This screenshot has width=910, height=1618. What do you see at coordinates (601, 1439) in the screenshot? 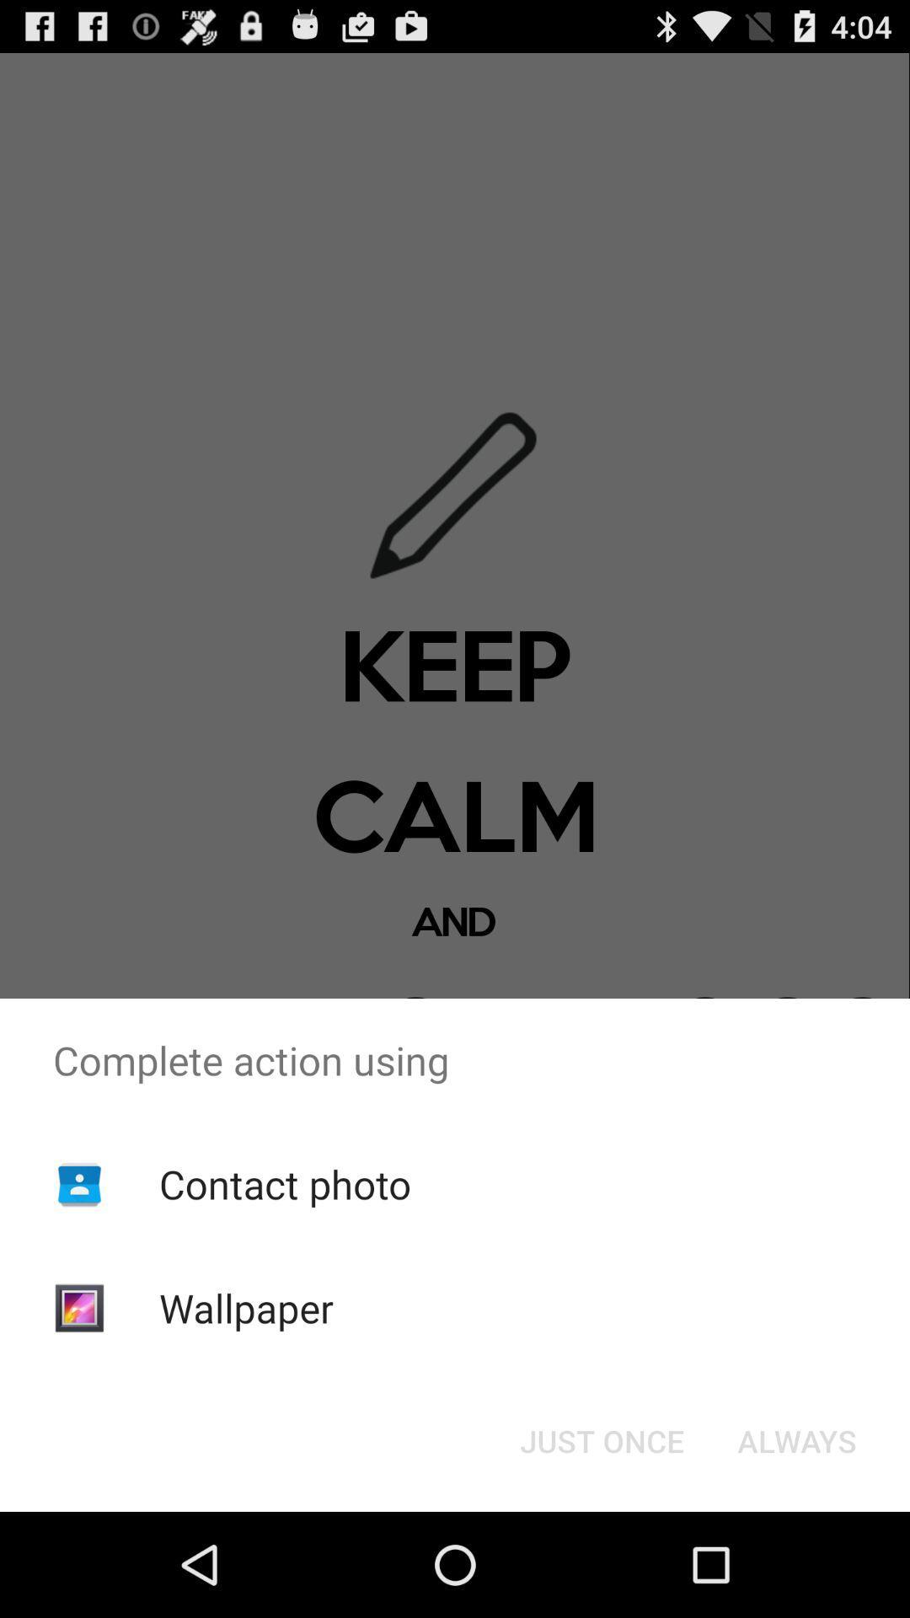
I see `icon below complete action using icon` at bounding box center [601, 1439].